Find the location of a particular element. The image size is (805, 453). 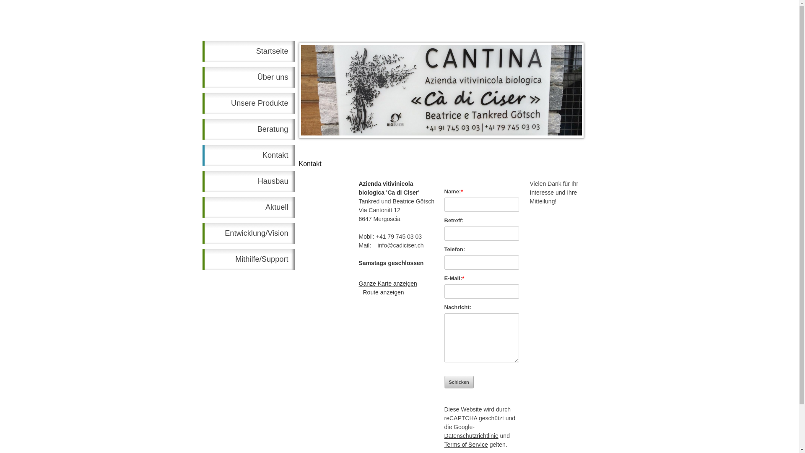

'Mithilfe/Support' is located at coordinates (247, 258).